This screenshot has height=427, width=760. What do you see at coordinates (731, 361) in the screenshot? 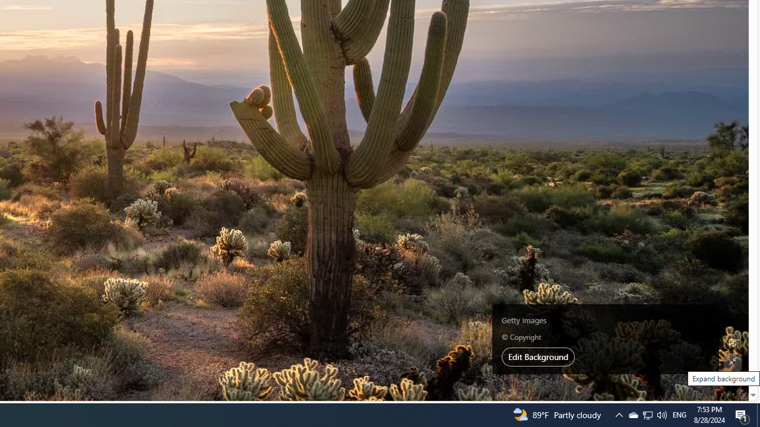
I see `'Expand background'` at bounding box center [731, 361].